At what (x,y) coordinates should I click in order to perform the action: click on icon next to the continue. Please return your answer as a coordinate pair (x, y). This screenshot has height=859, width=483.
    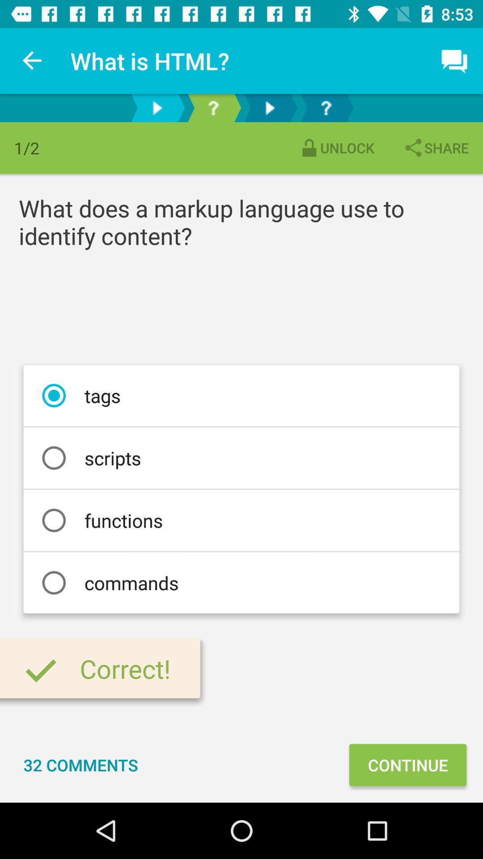
    Looking at the image, I should click on (80, 764).